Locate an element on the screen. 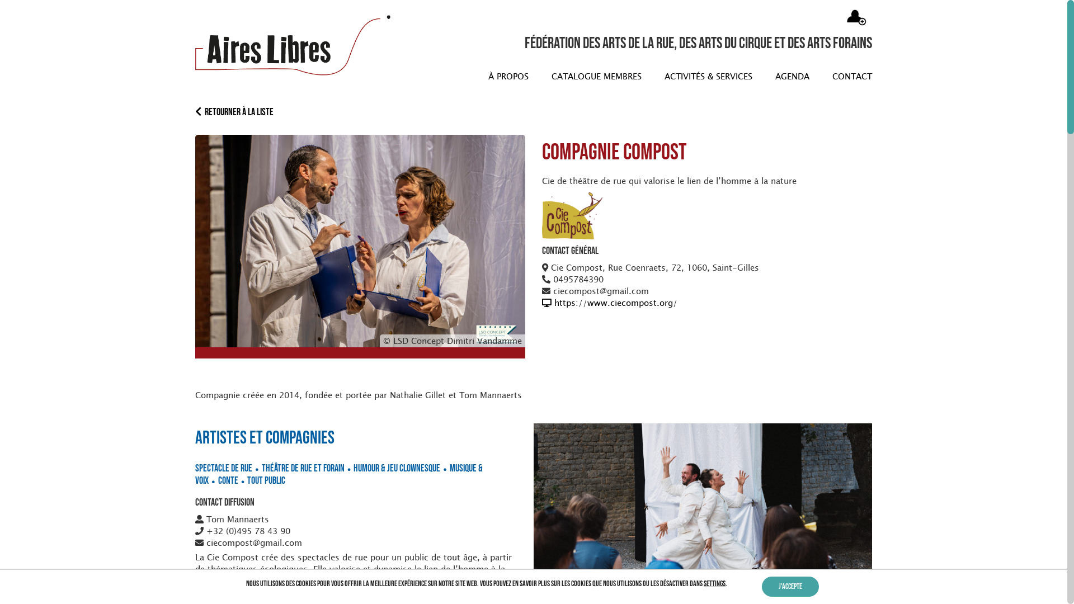 This screenshot has width=1074, height=604. 'CATALOGUE MEMBRES' is located at coordinates (592, 75).